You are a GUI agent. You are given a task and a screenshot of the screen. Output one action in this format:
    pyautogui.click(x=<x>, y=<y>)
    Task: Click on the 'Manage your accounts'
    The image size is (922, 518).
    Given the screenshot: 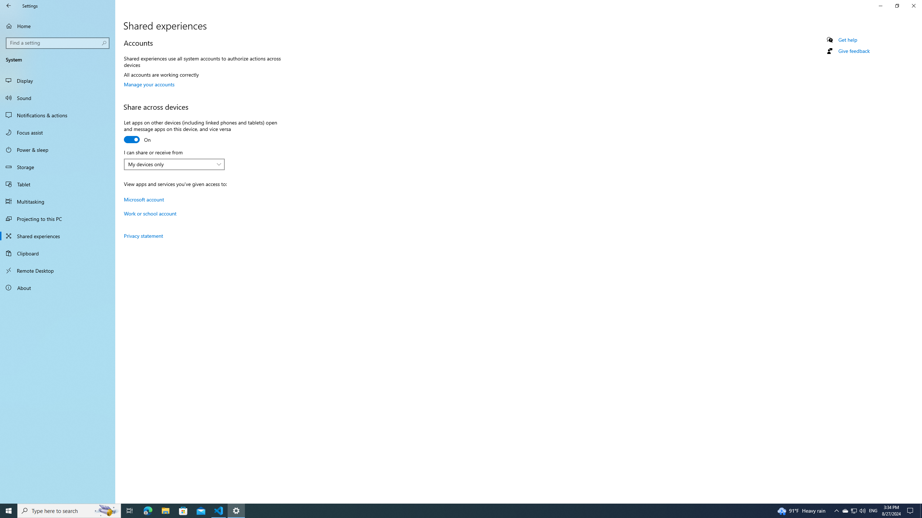 What is the action you would take?
    pyautogui.click(x=148, y=84)
    